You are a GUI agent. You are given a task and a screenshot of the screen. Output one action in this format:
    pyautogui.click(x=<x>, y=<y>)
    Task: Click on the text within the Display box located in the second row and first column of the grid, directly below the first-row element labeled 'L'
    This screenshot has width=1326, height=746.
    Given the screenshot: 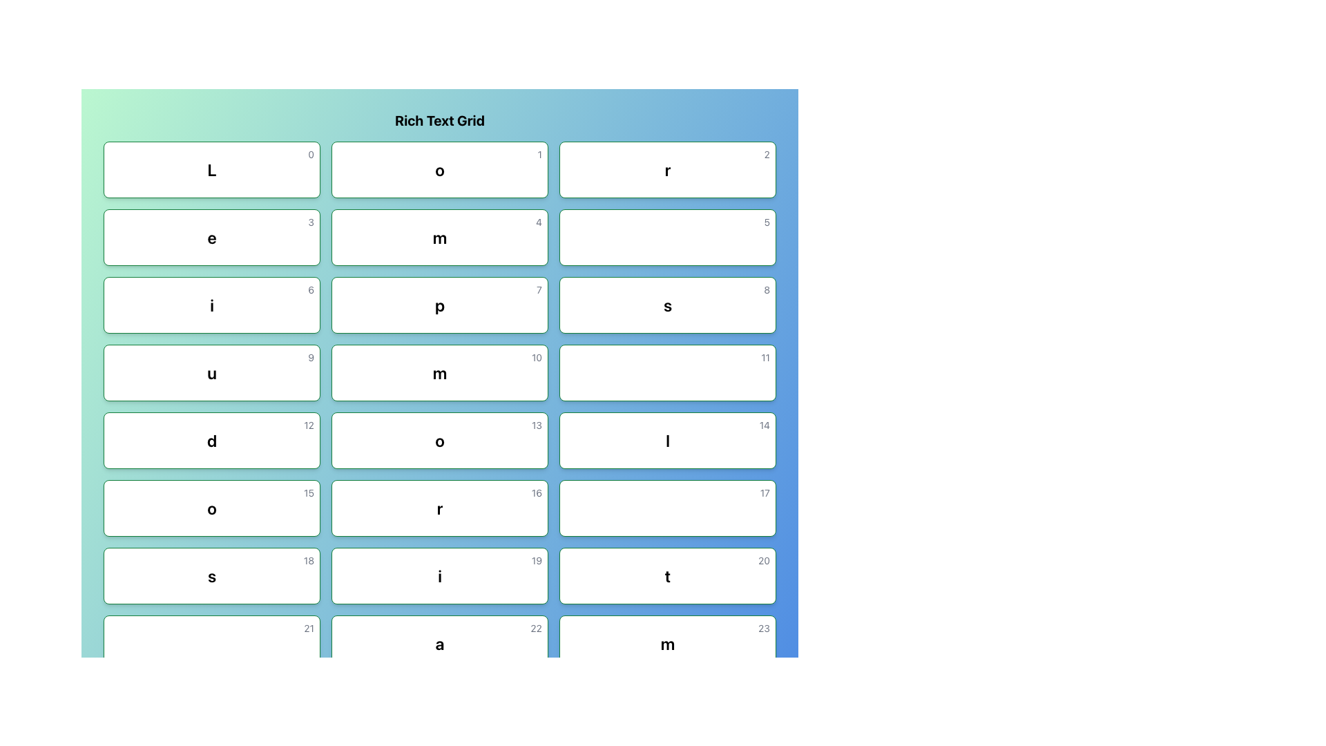 What is the action you would take?
    pyautogui.click(x=211, y=236)
    